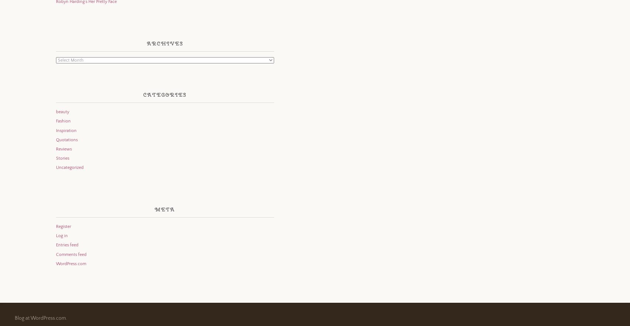 The height and width of the screenshot is (326, 630). I want to click on 'Entries feed', so click(55, 245).